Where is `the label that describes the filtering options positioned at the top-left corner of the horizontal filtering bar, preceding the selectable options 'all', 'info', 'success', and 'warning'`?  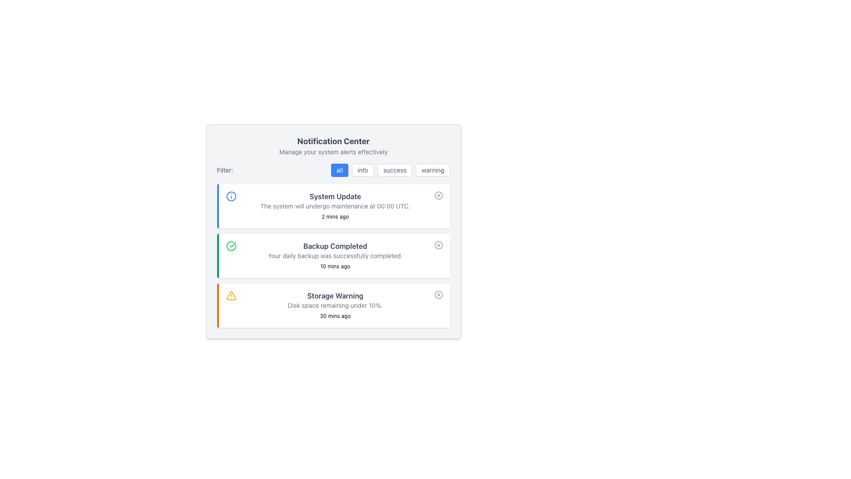
the label that describes the filtering options positioned at the top-left corner of the horizontal filtering bar, preceding the selectable options 'all', 'info', 'success', and 'warning' is located at coordinates (225, 170).